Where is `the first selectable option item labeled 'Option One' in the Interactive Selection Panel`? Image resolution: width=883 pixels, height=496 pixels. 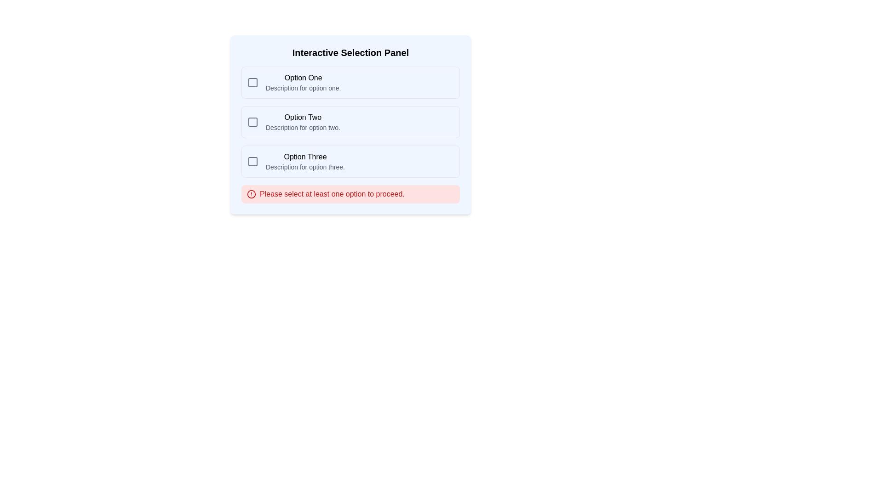 the first selectable option item labeled 'Option One' in the Interactive Selection Panel is located at coordinates (350, 83).